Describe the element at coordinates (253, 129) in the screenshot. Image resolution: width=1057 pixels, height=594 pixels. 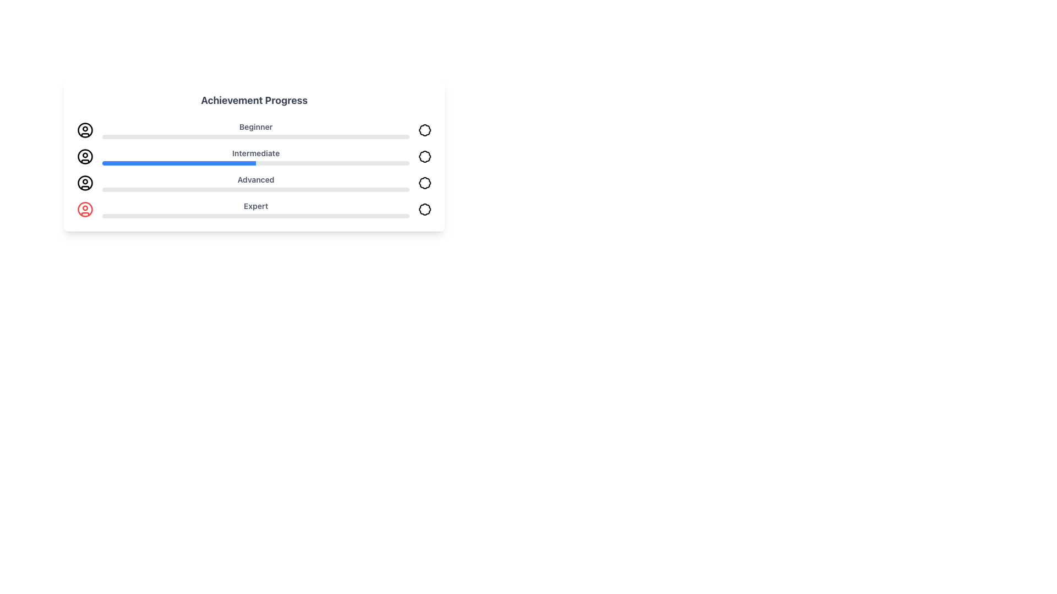
I see `the 'Beginner' achievement progress row, which features a green-outlined user icon, bold gray text, and a green-filled progress bar indicating 20% completion` at that location.